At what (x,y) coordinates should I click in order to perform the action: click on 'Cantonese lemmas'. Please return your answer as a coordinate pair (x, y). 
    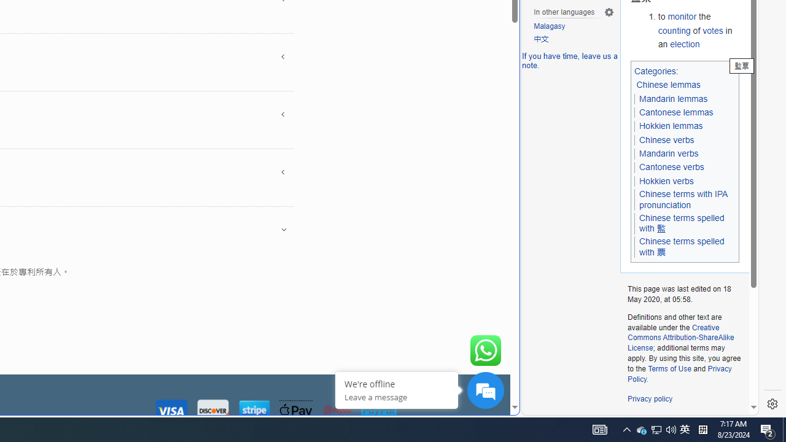
    Looking at the image, I should click on (675, 112).